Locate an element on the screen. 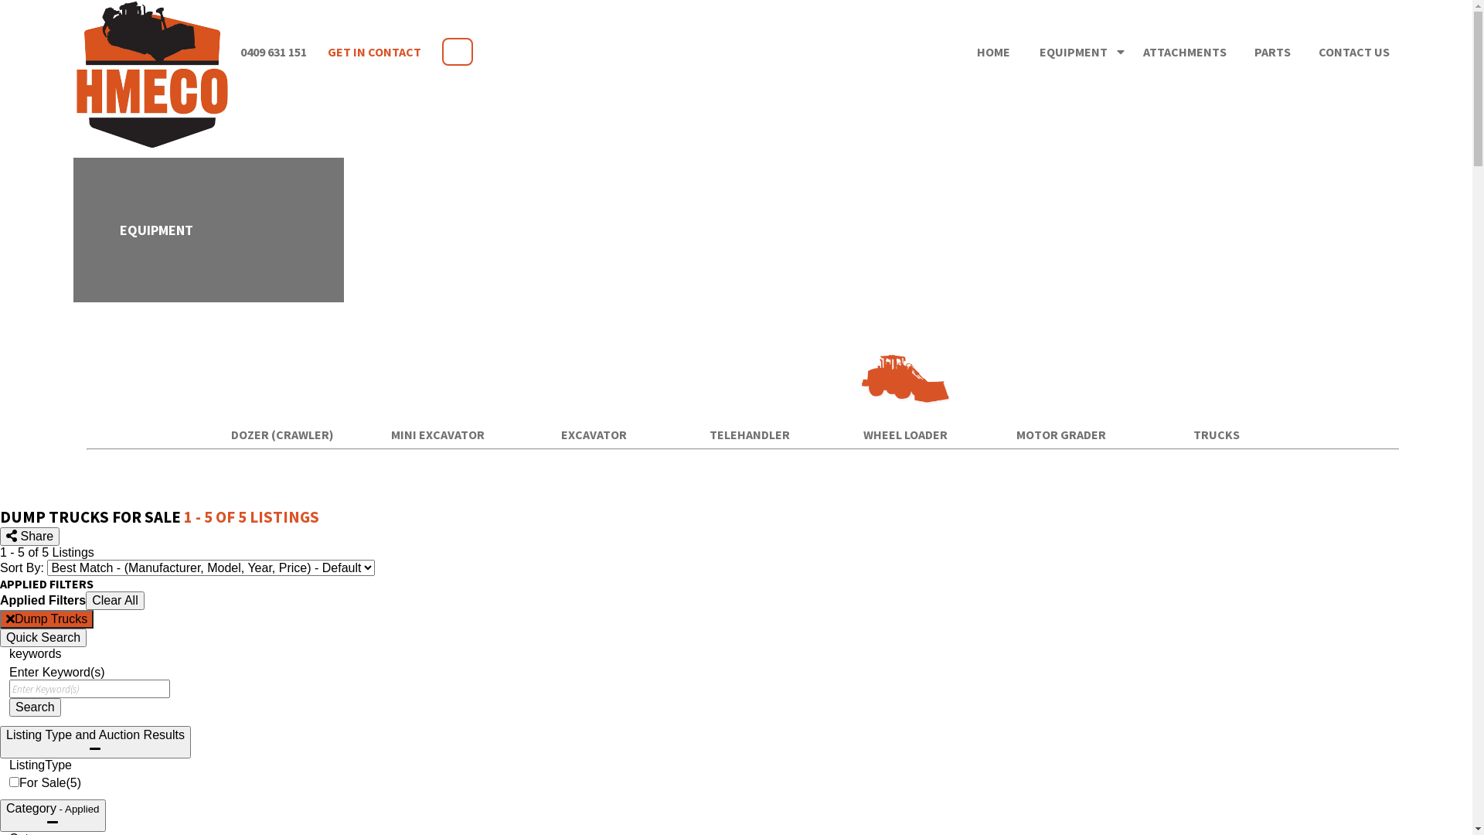 Image resolution: width=1484 pixels, height=835 pixels. 'TELEHANDLER' is located at coordinates (672, 435).